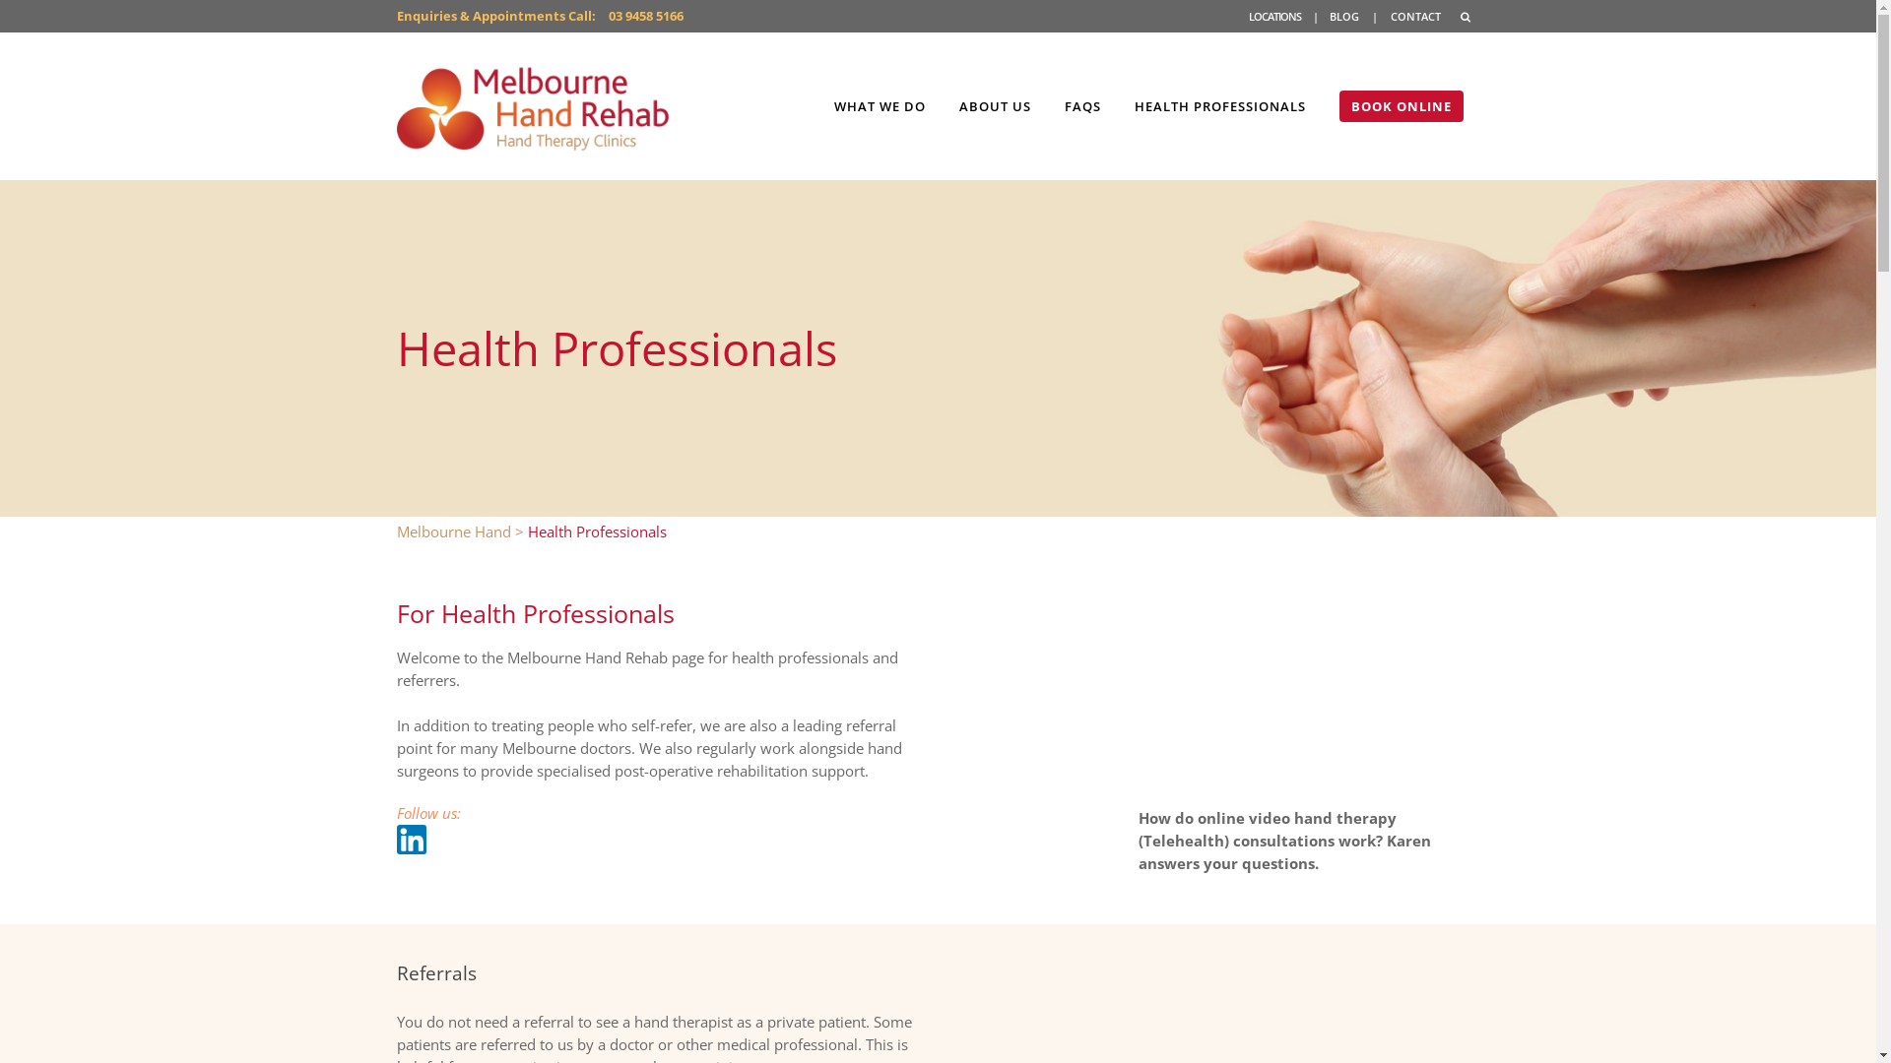 The image size is (1891, 1063). I want to click on '03 9458 5166', so click(646, 15).